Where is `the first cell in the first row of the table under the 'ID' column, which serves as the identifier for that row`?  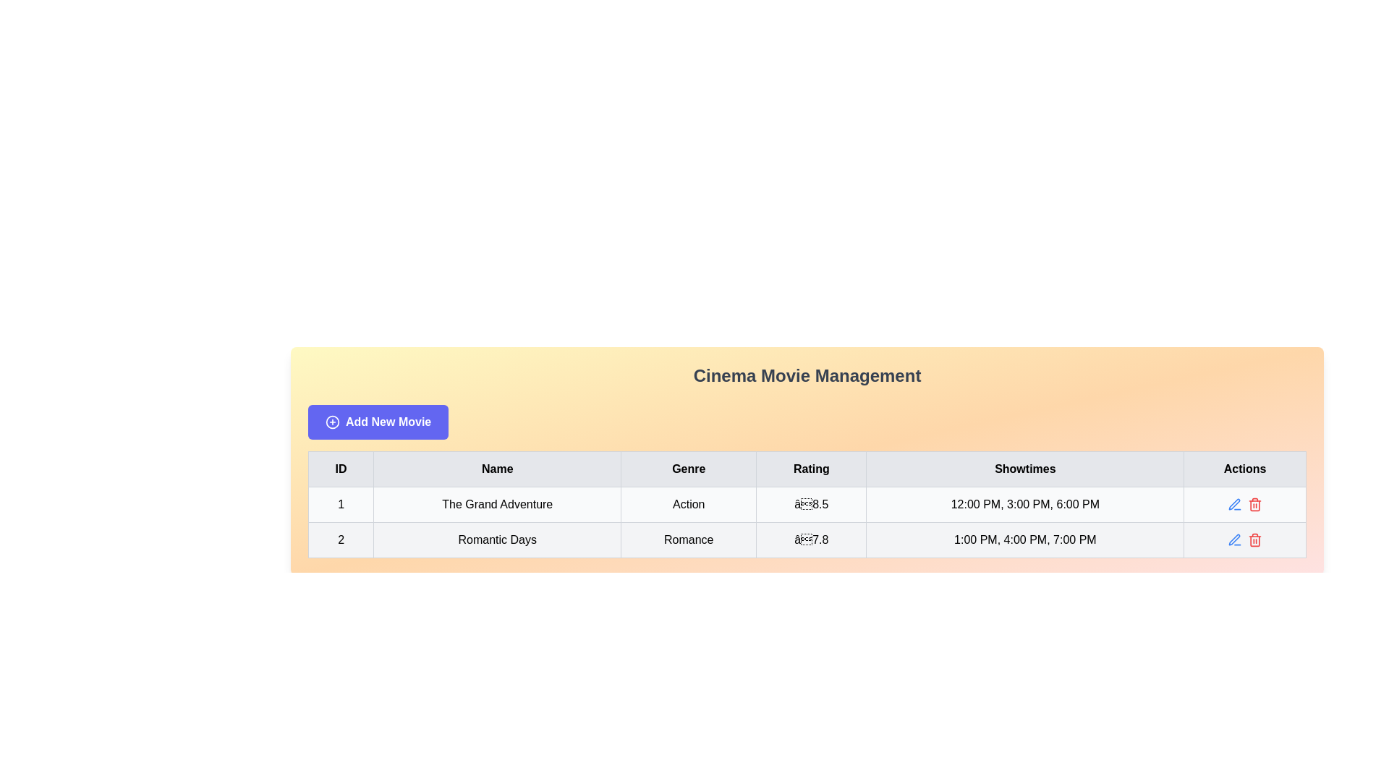 the first cell in the first row of the table under the 'ID' column, which serves as the identifier for that row is located at coordinates (340, 504).